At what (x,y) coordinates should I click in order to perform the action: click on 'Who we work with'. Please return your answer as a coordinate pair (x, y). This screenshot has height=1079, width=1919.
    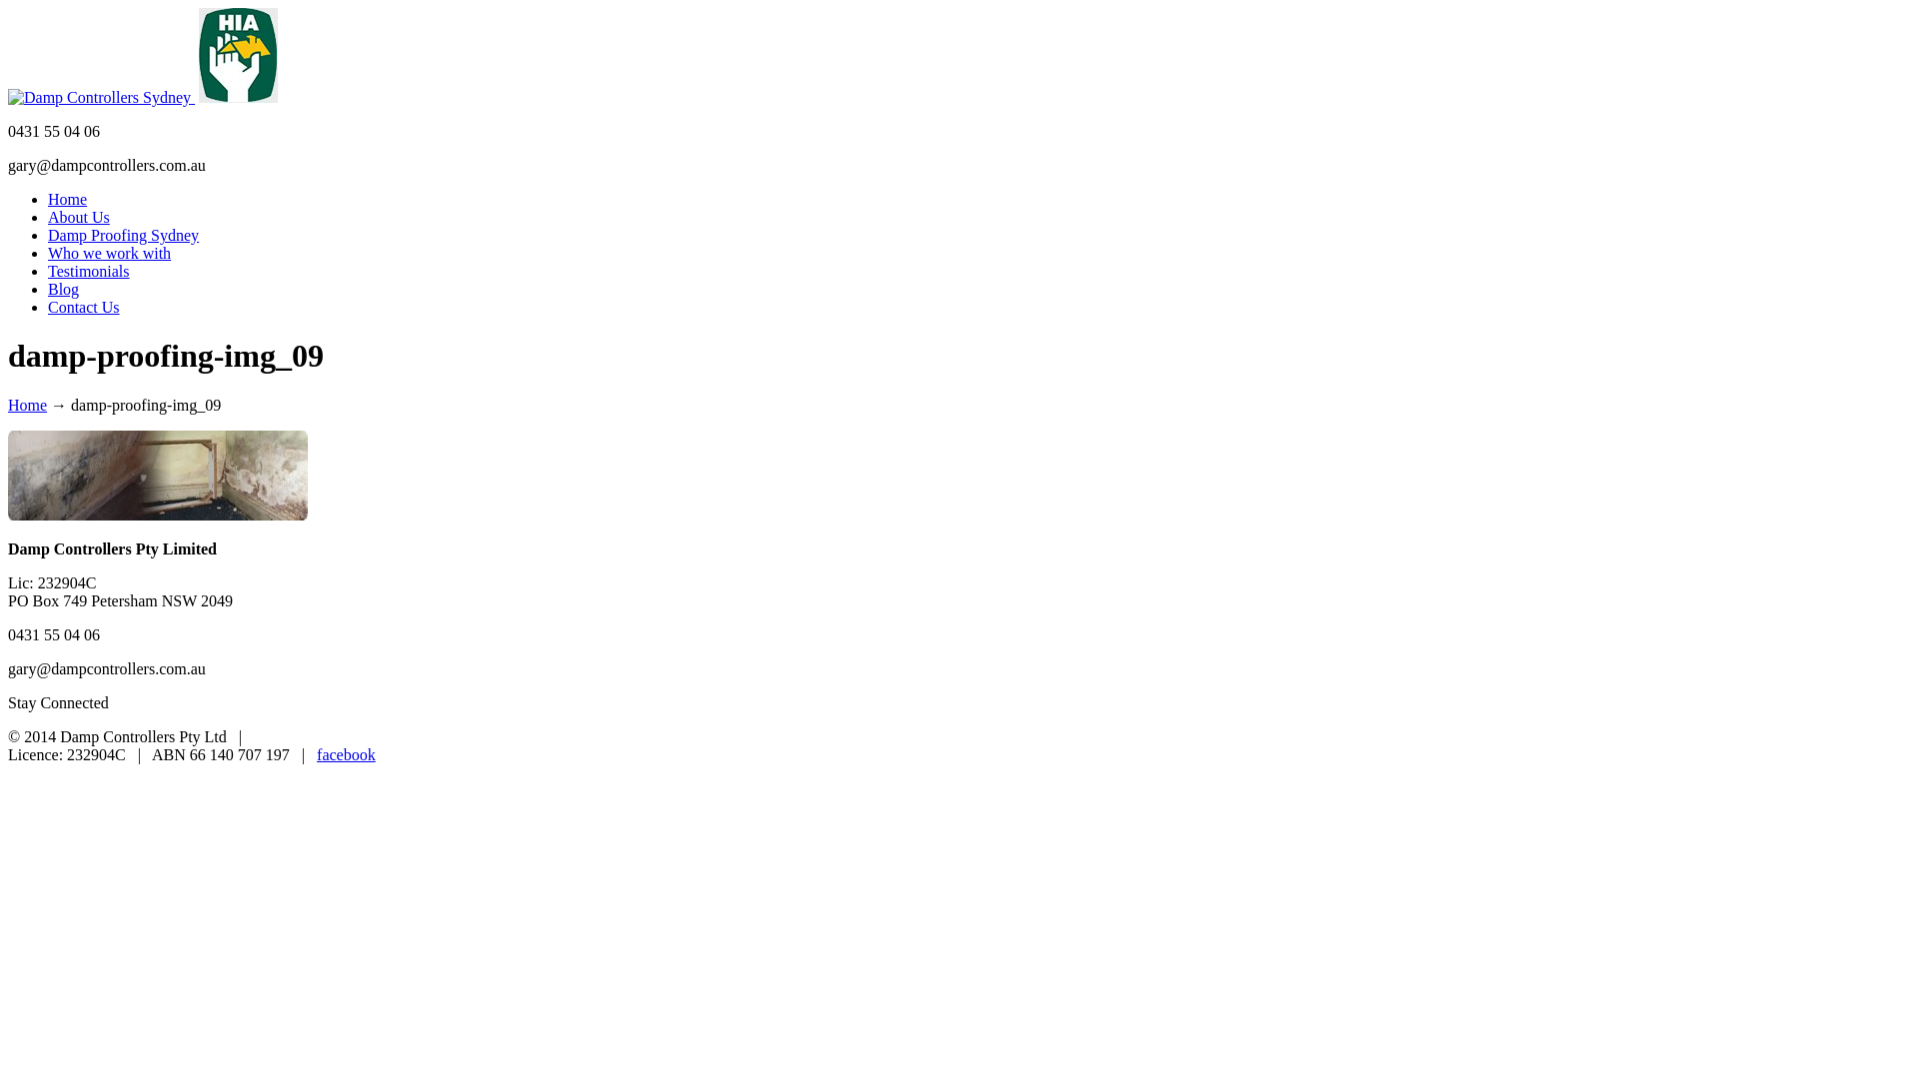
    Looking at the image, I should click on (108, 252).